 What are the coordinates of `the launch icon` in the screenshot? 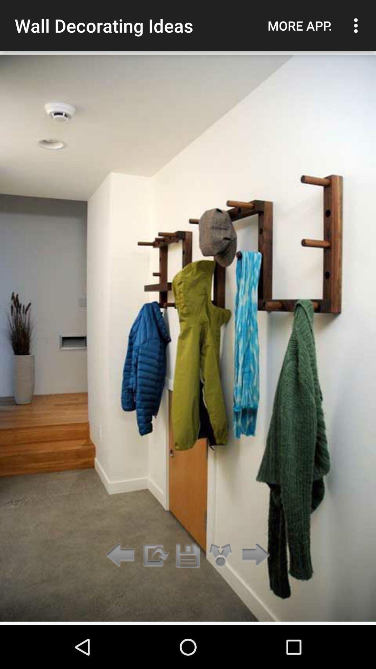 It's located at (155, 555).